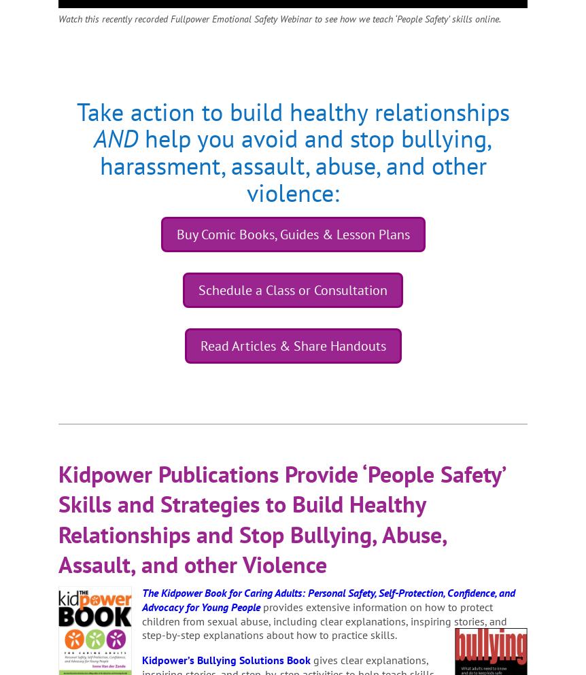 This screenshot has width=586, height=675. I want to click on 'Take action to build healthy relationships', so click(75, 110).